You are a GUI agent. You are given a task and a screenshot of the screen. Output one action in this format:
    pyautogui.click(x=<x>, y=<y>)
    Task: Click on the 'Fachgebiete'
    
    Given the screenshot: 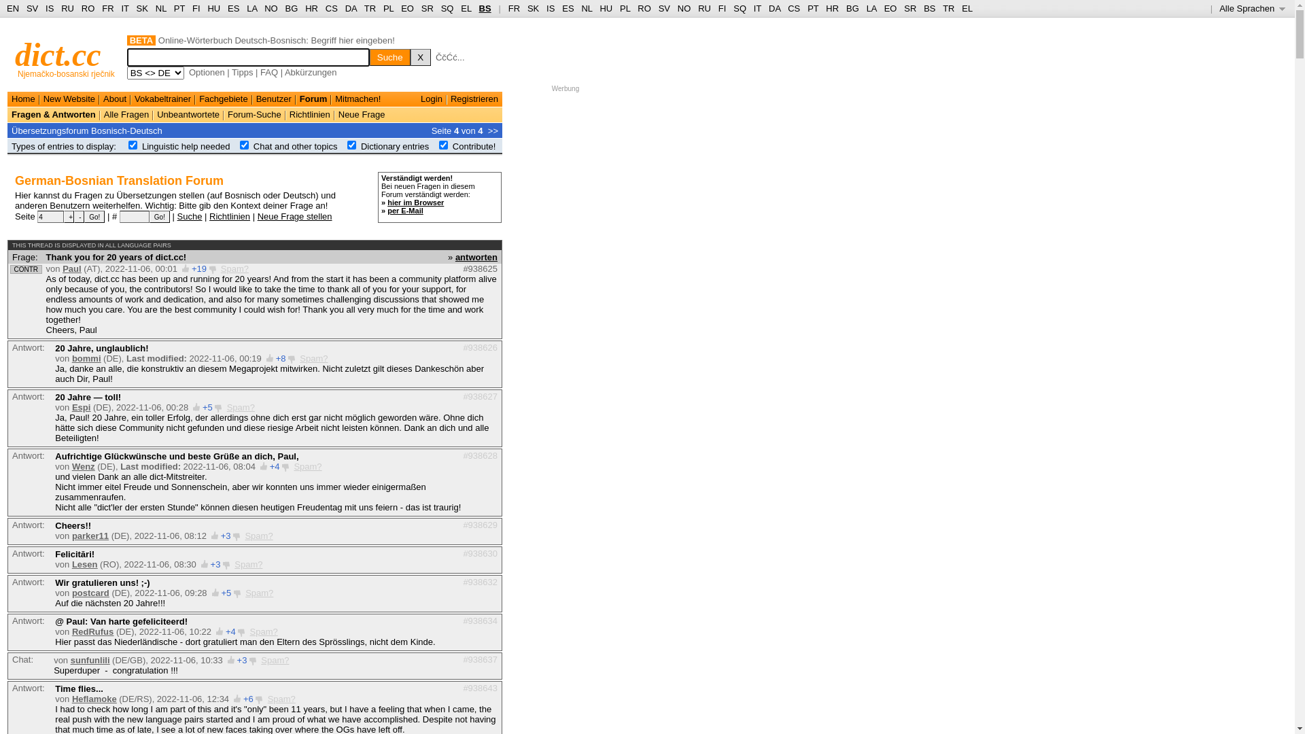 What is the action you would take?
    pyautogui.click(x=224, y=98)
    